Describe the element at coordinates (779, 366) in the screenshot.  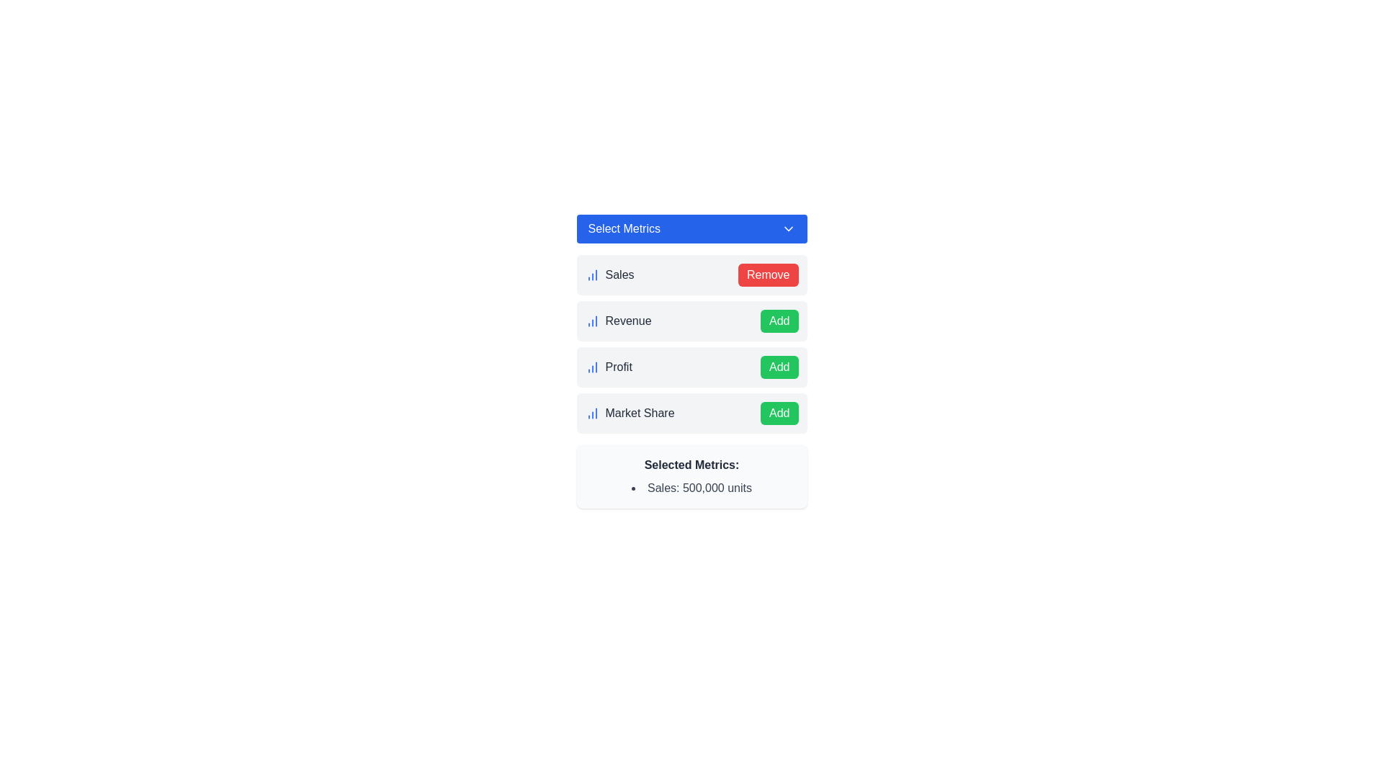
I see `the 'Add' button with rounded corners, green background, and white text` at that location.